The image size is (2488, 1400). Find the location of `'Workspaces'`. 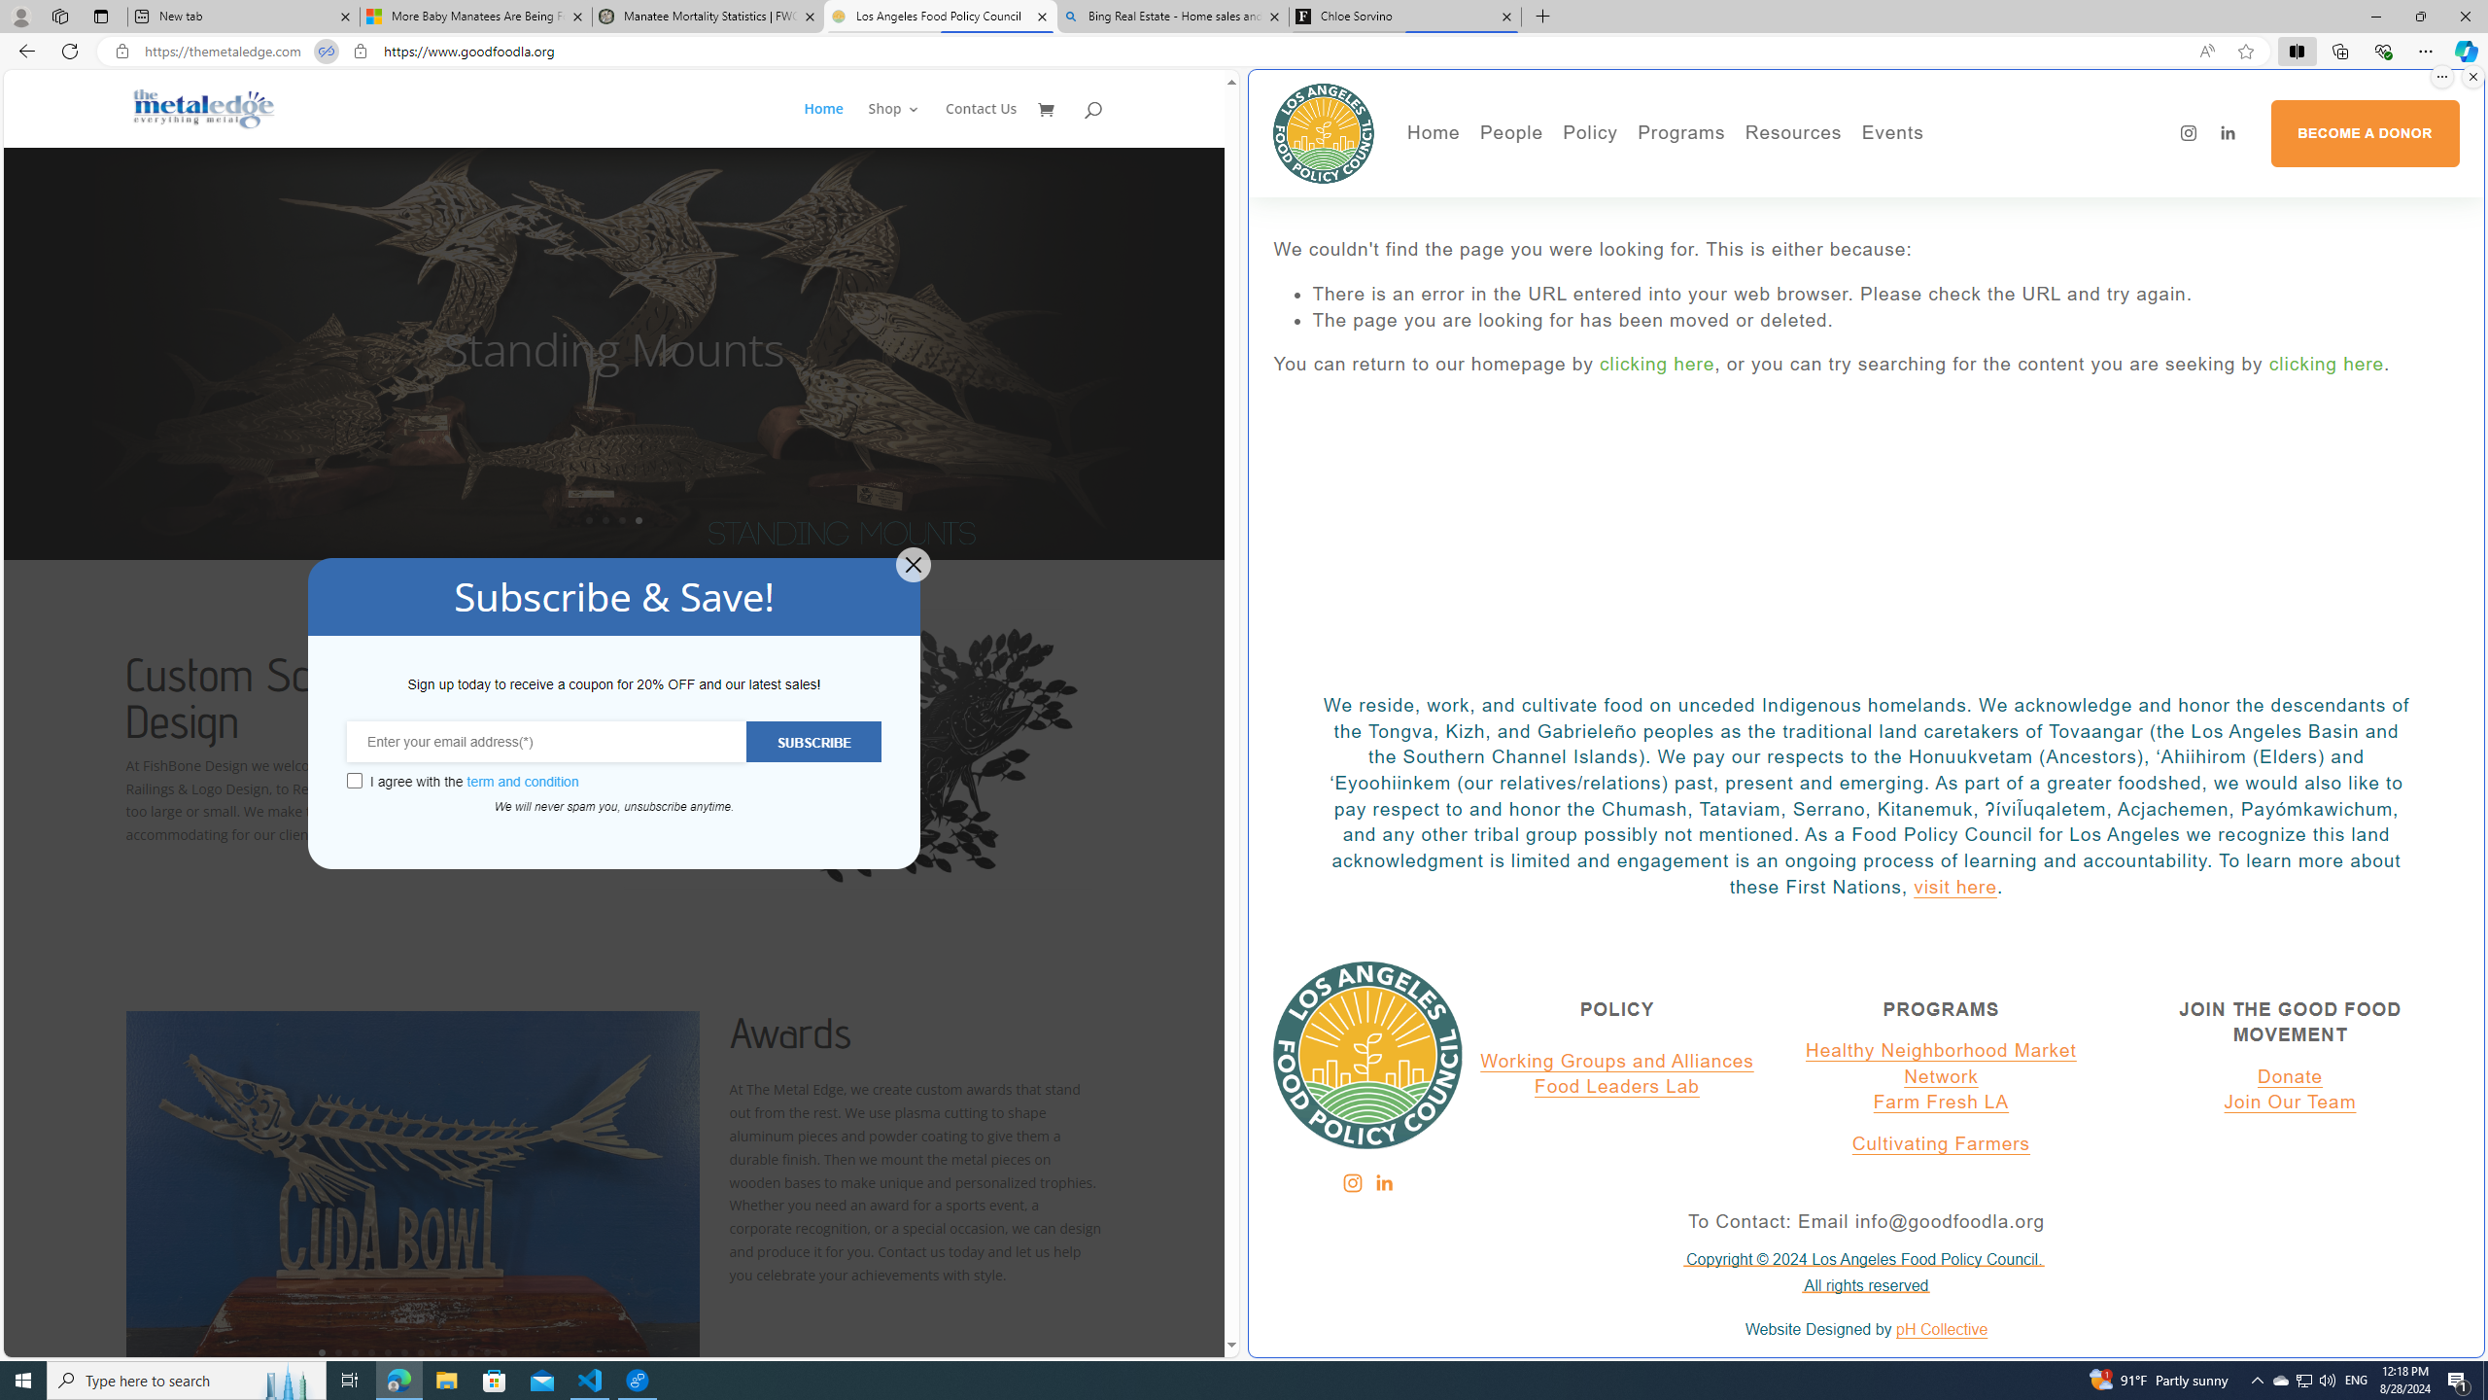

'Workspaces' is located at coordinates (59, 16).